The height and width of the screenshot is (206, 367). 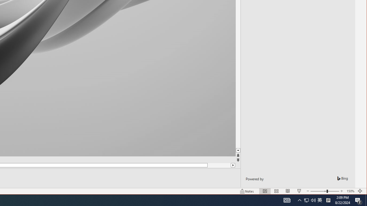 What do you see at coordinates (309, 200) in the screenshot?
I see `'User Promoted Notification Area'` at bounding box center [309, 200].